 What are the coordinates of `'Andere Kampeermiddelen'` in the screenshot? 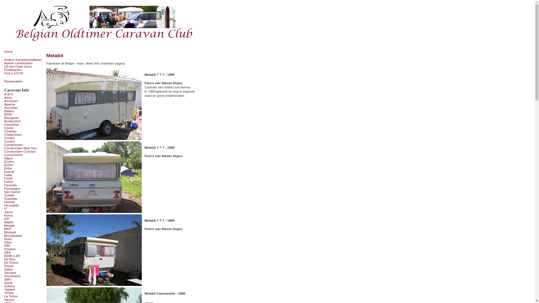 It's located at (24, 59).